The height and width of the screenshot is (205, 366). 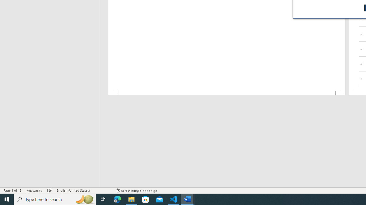 What do you see at coordinates (7, 199) in the screenshot?
I see `'Start'` at bounding box center [7, 199].